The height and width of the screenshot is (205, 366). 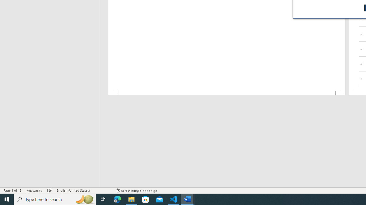 What do you see at coordinates (7, 199) in the screenshot?
I see `'Start'` at bounding box center [7, 199].